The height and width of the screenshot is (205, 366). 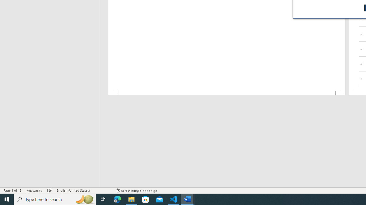 What do you see at coordinates (7, 199) in the screenshot?
I see `'Start'` at bounding box center [7, 199].